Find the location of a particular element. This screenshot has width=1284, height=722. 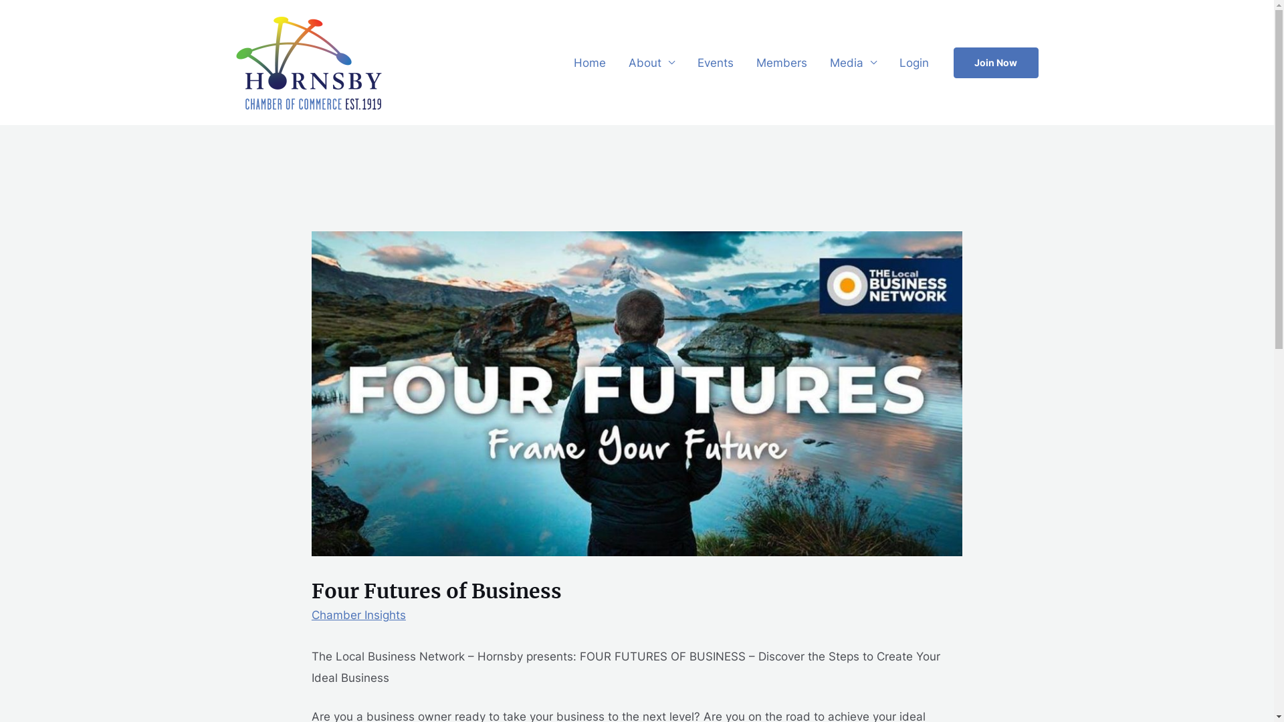

'Home' is located at coordinates (562, 62).